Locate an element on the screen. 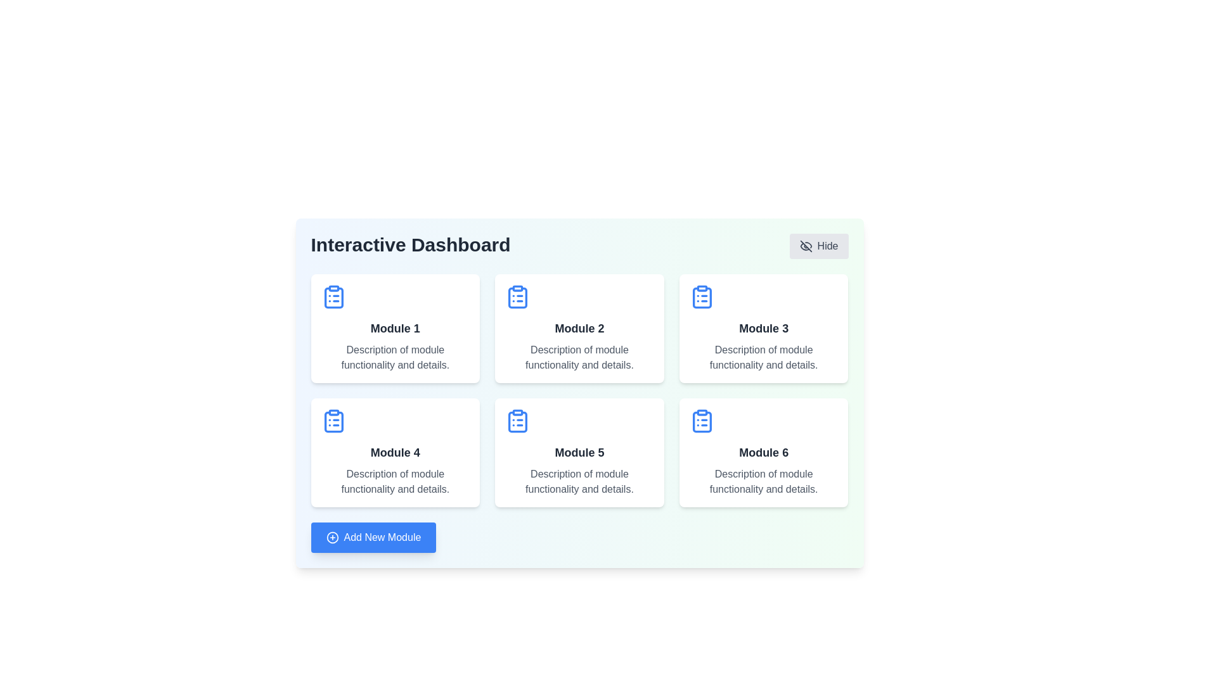 The image size is (1217, 684). the icon representing 'Module 5', located at the top-left corner of the card titled 'Module 5' is located at coordinates (518, 421).